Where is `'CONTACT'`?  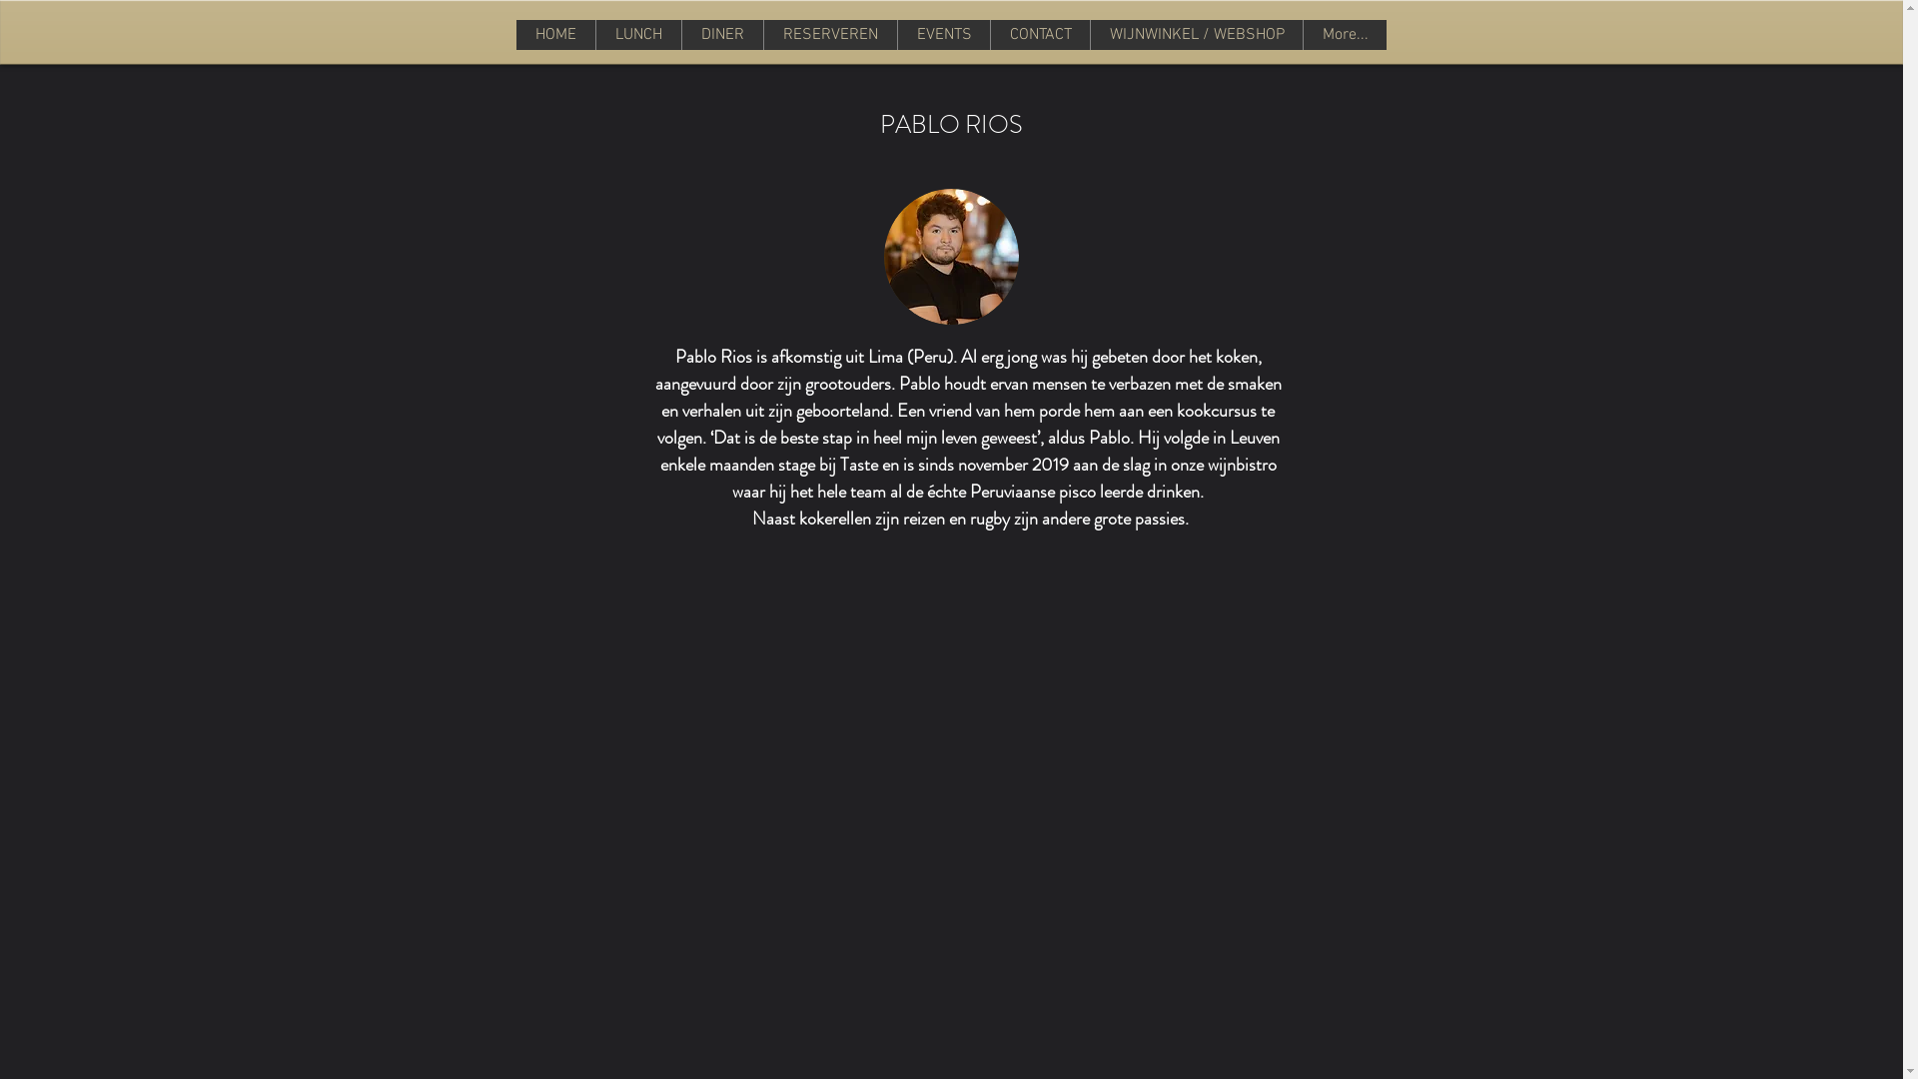 'CONTACT' is located at coordinates (1039, 34).